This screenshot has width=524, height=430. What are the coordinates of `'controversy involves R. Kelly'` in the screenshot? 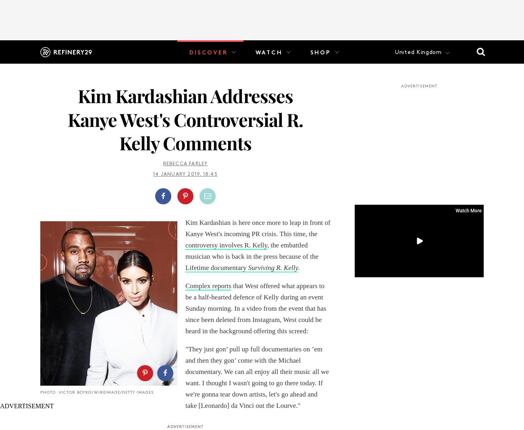 It's located at (185, 245).